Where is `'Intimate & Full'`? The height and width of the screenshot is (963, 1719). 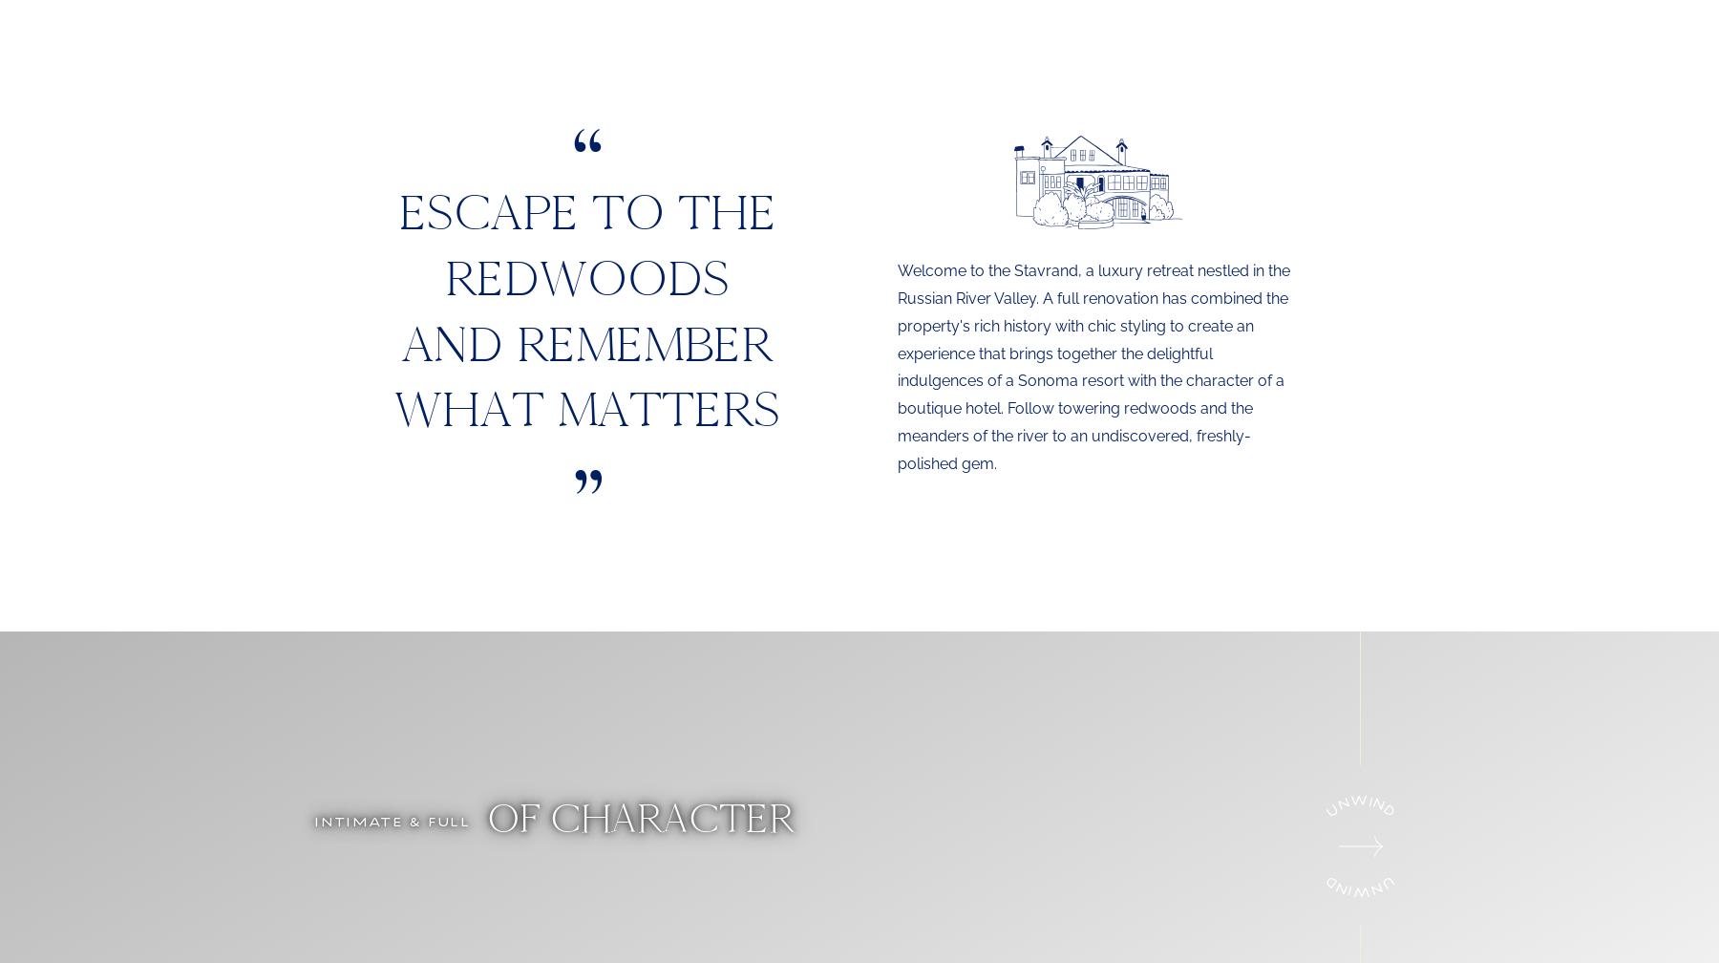 'Intimate & Full' is located at coordinates (393, 821).